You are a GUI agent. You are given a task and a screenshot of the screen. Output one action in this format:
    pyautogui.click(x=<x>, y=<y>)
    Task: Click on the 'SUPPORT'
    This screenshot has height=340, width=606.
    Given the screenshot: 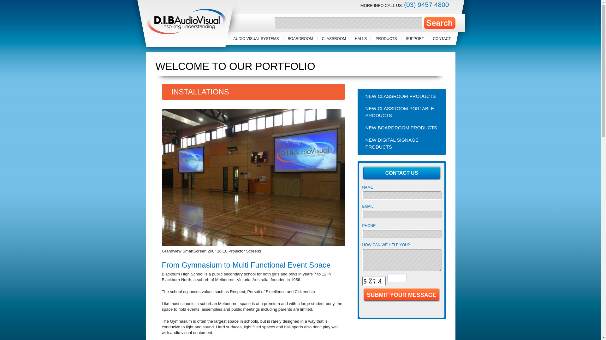 What is the action you would take?
    pyautogui.click(x=415, y=39)
    